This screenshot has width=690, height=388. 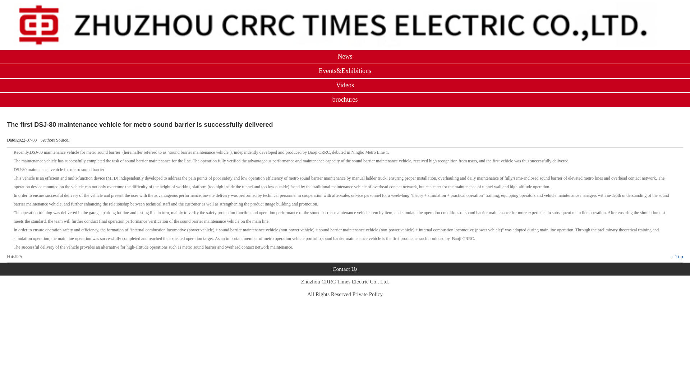 I want to click on 'News', so click(x=345, y=56).